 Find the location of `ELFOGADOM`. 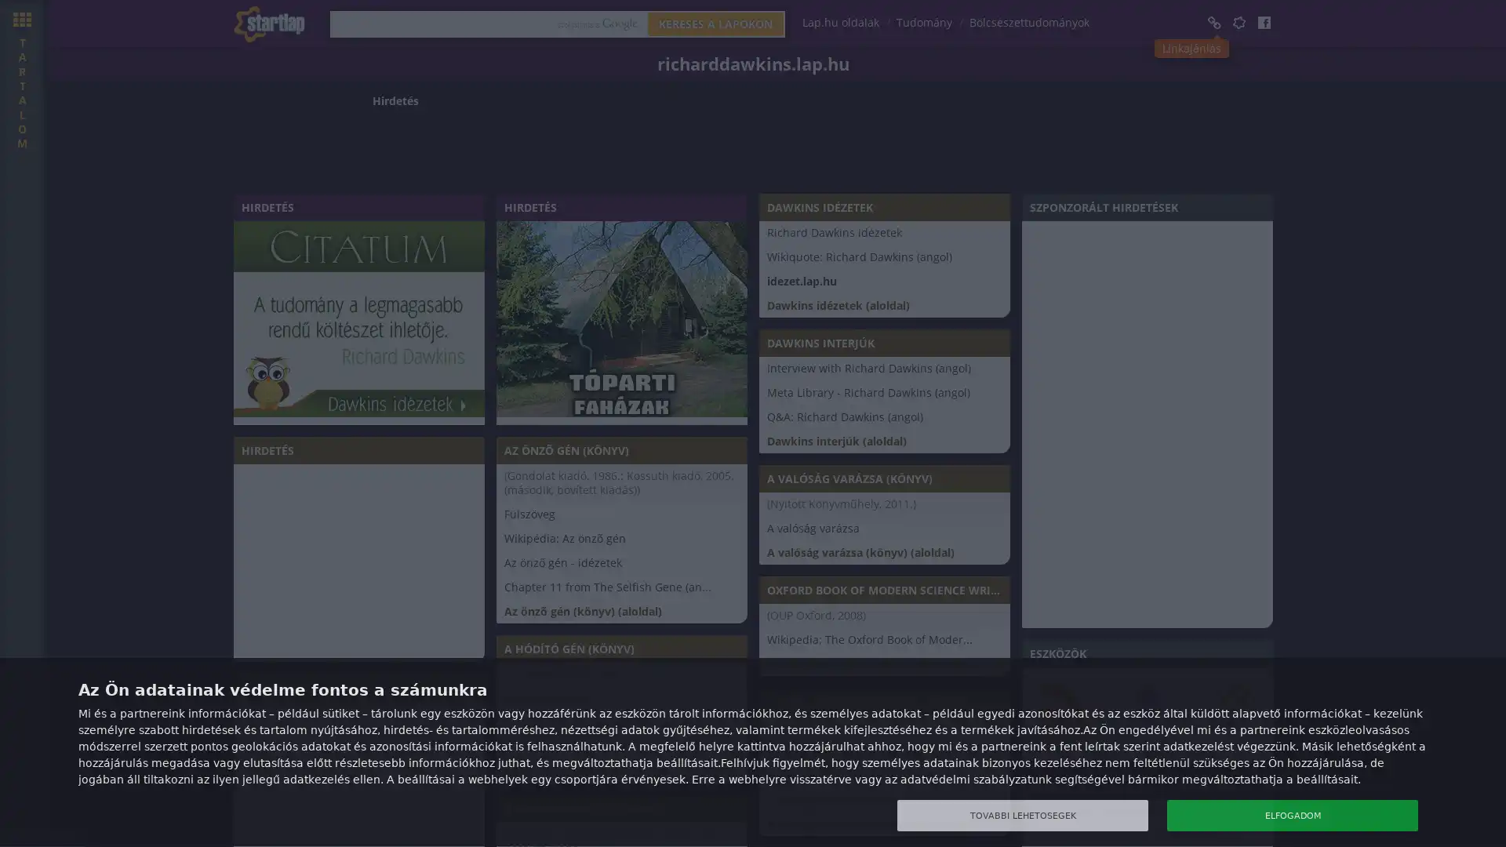

ELFOGADOM is located at coordinates (1292, 815).